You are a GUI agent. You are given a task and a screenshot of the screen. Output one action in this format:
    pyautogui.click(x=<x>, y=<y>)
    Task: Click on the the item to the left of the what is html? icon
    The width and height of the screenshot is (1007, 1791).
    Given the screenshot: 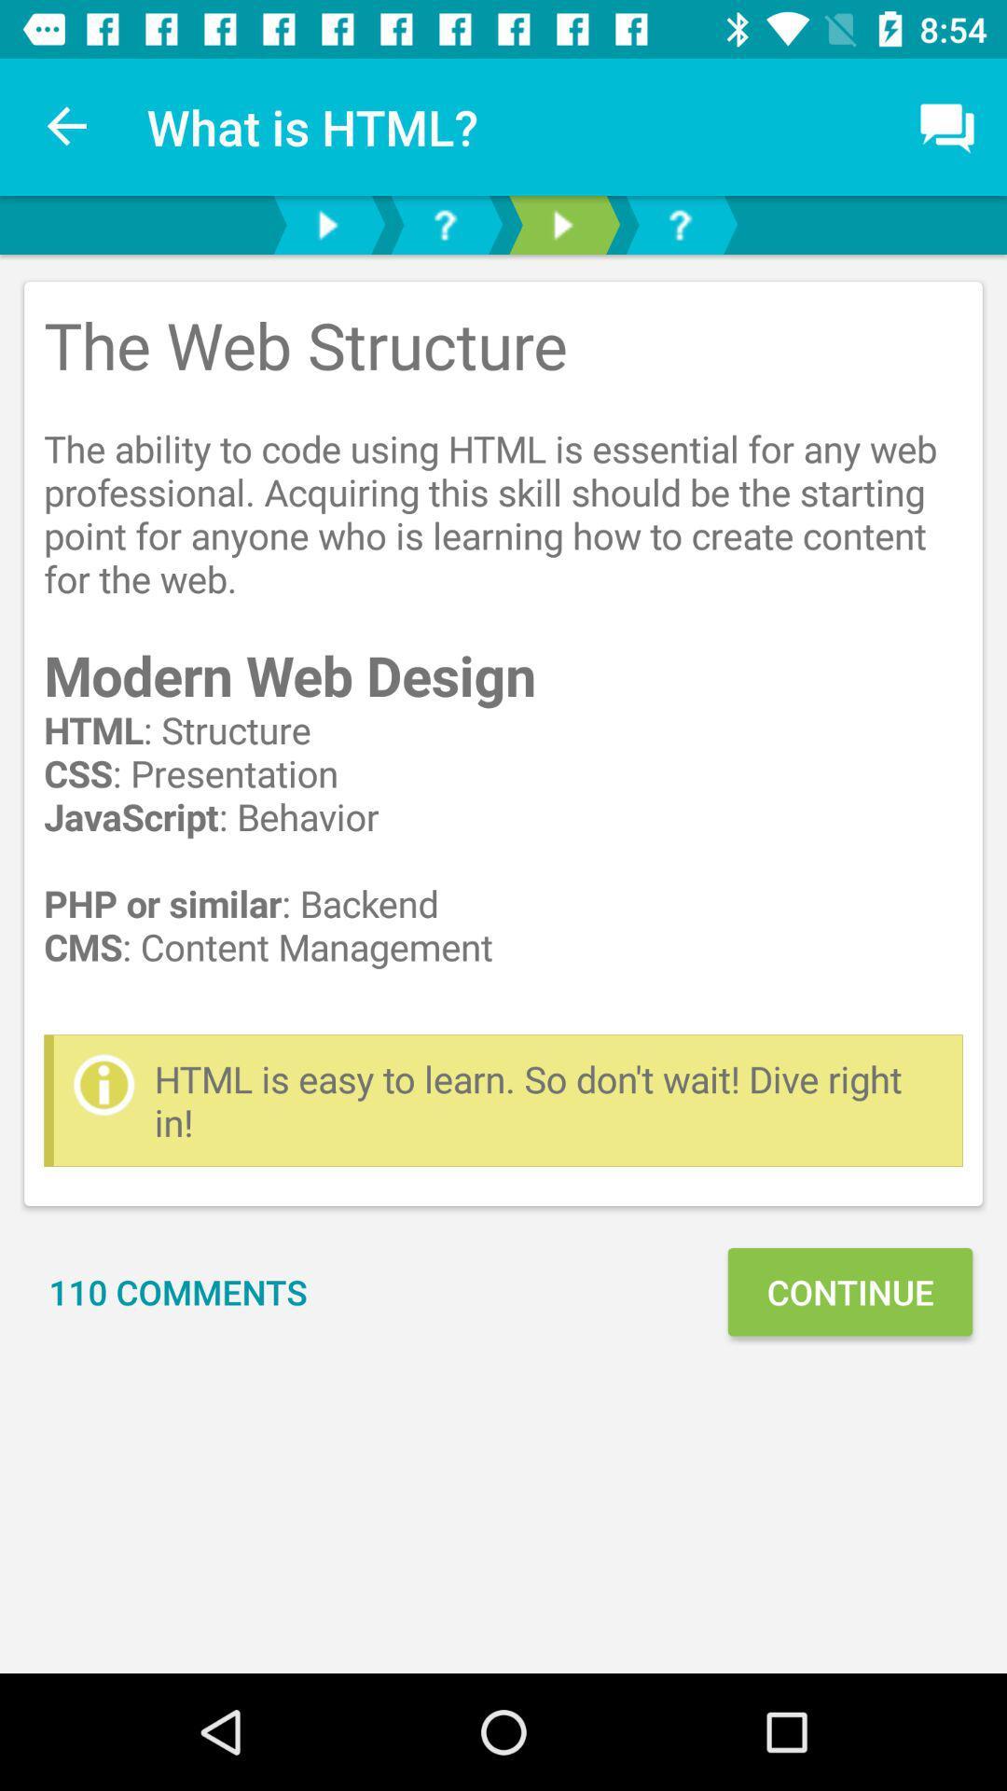 What is the action you would take?
    pyautogui.click(x=67, y=126)
    